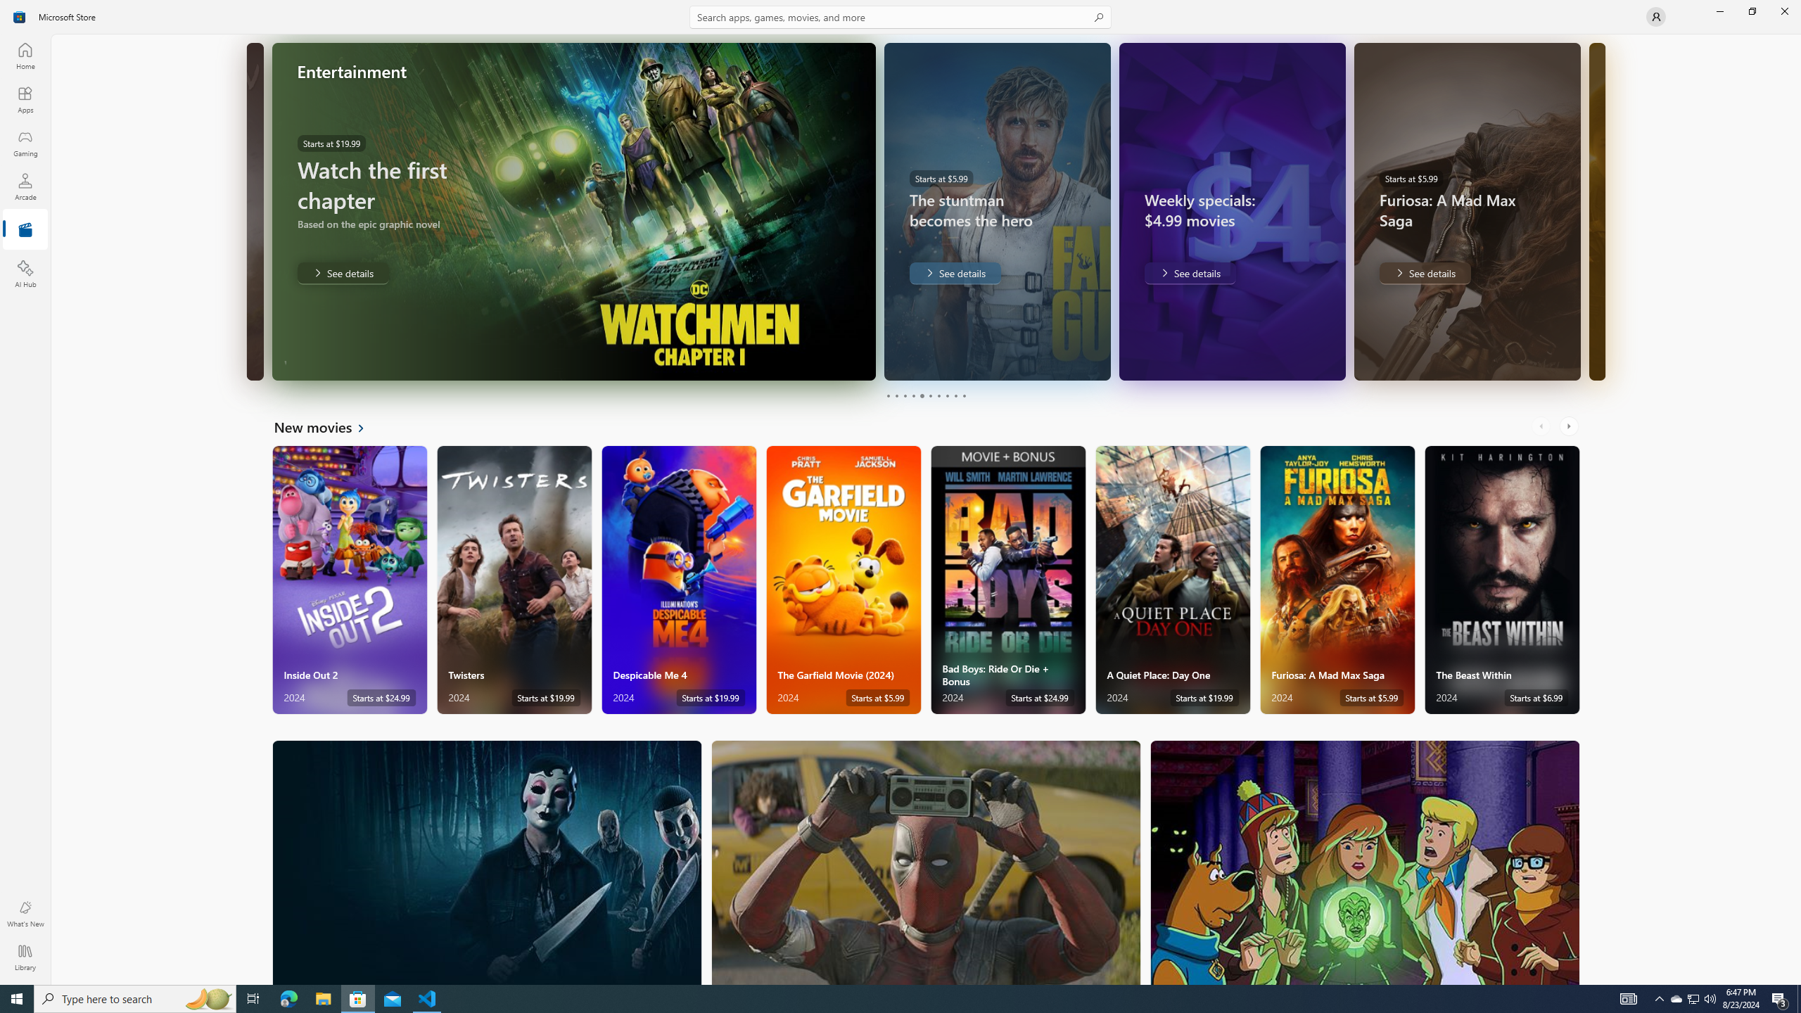  Describe the element at coordinates (24, 142) in the screenshot. I see `'Gaming'` at that location.